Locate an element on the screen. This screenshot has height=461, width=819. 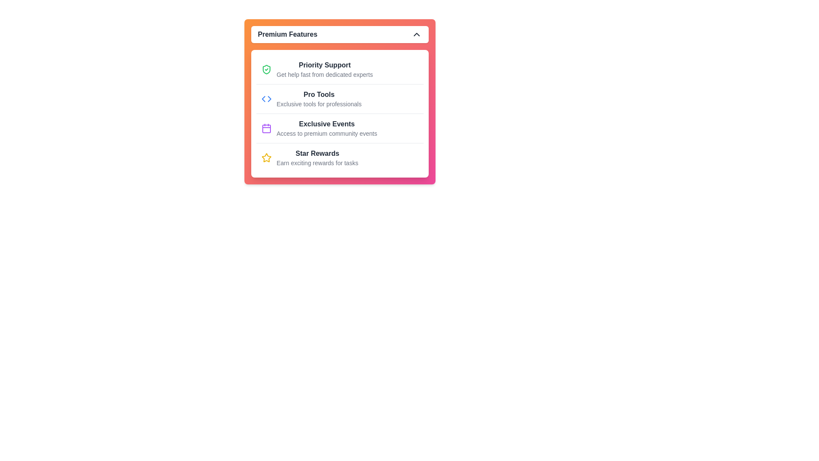
the text label displaying 'Exclusive tools for professionals', located beneath the 'Pro Tools' heading in the 'Premium Features' section is located at coordinates (319, 103).